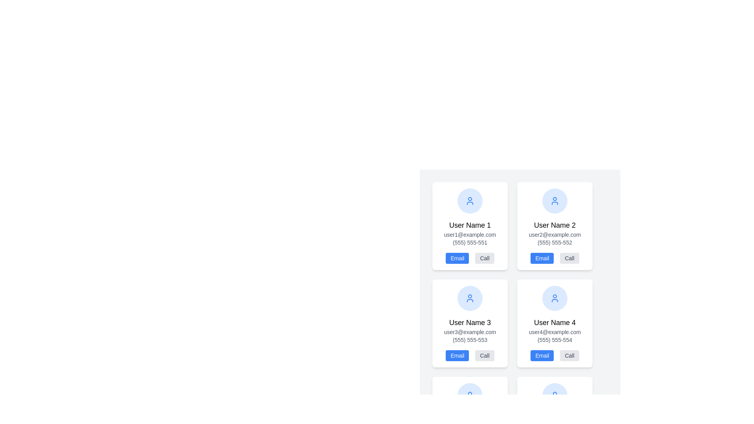  What do you see at coordinates (470, 332) in the screenshot?
I see `the email address 'user3@example.com' displayed in gray text within the user profile card, located below 'User Name 3' and above the phone number '(555) 555-553'` at bounding box center [470, 332].